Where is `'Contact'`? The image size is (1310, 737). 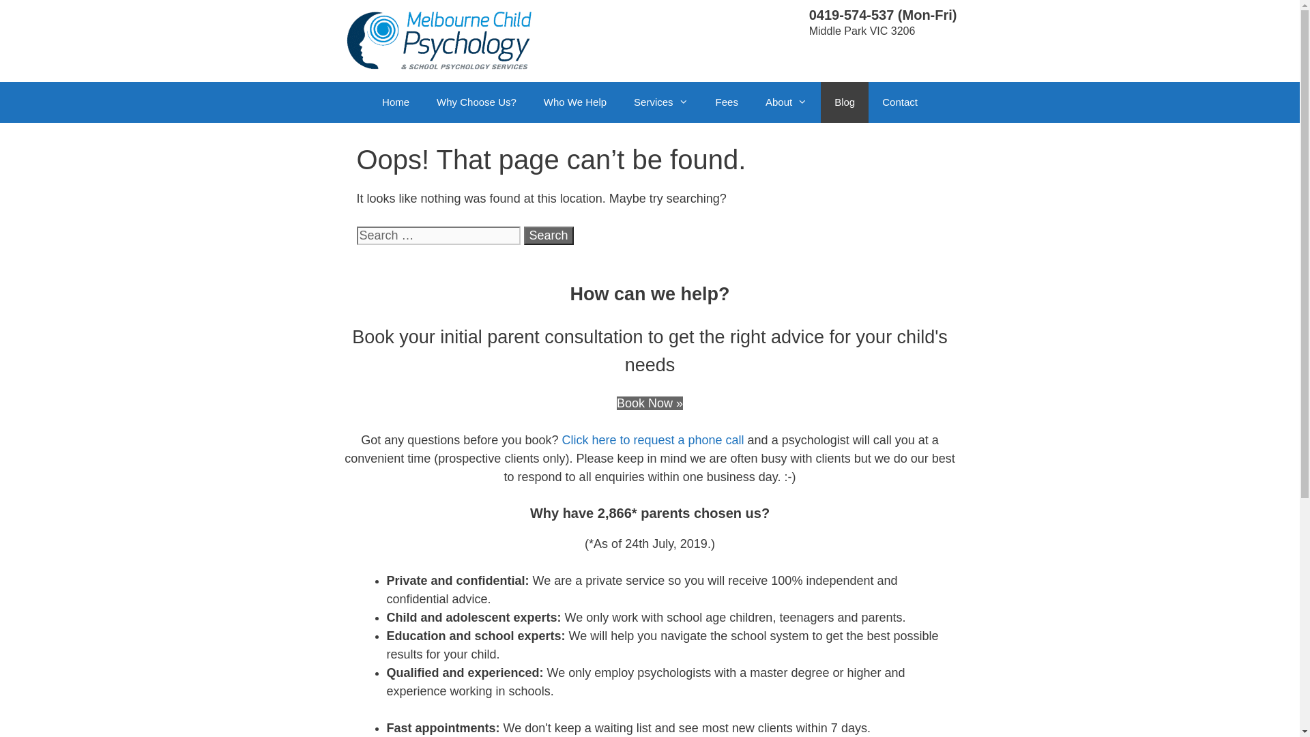 'Contact' is located at coordinates (900, 102).